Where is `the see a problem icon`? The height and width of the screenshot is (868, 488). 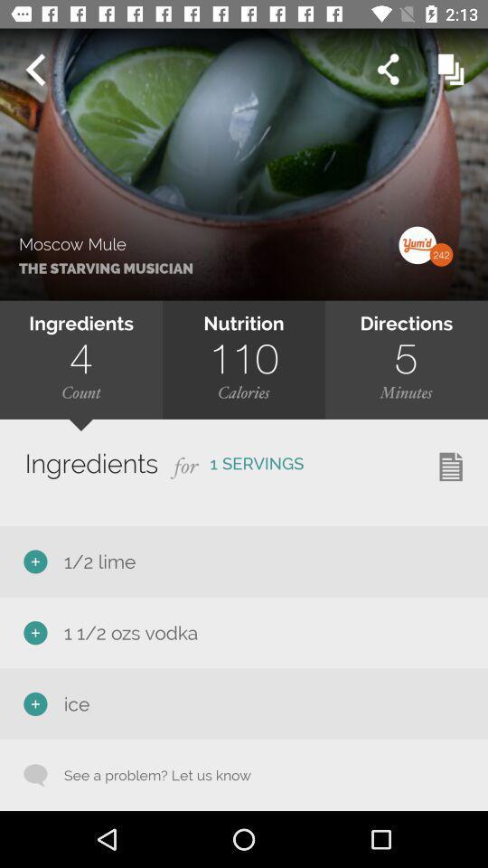
the see a problem icon is located at coordinates (148, 774).